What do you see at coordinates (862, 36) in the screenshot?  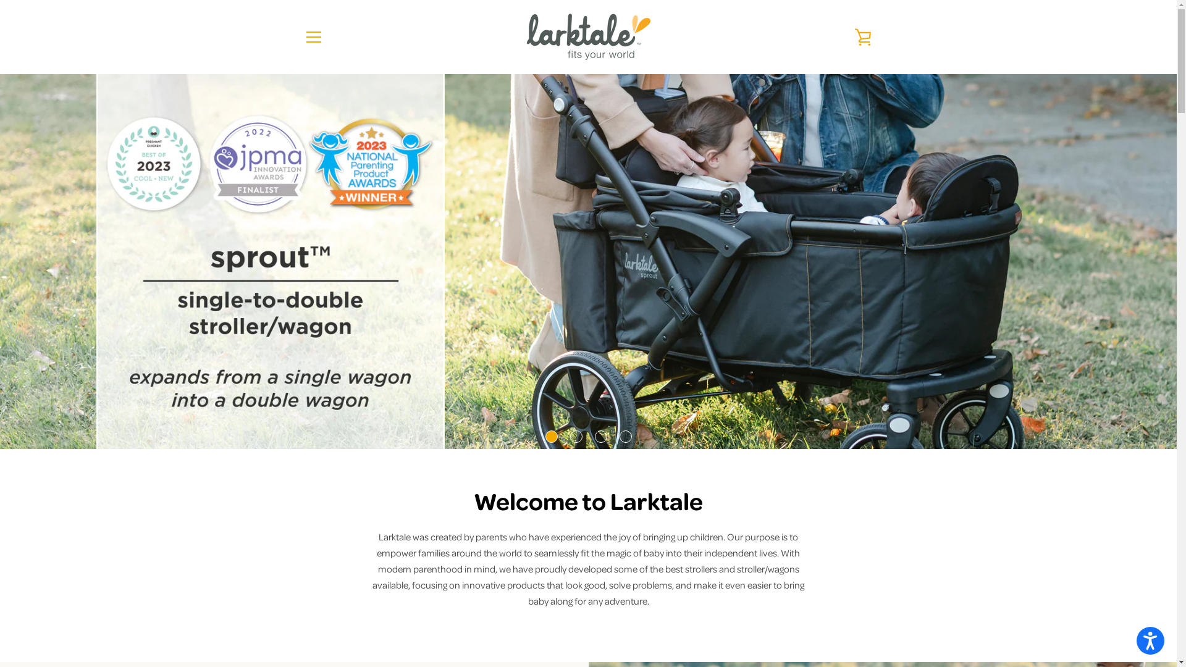 I see `'VIEW CART'` at bounding box center [862, 36].